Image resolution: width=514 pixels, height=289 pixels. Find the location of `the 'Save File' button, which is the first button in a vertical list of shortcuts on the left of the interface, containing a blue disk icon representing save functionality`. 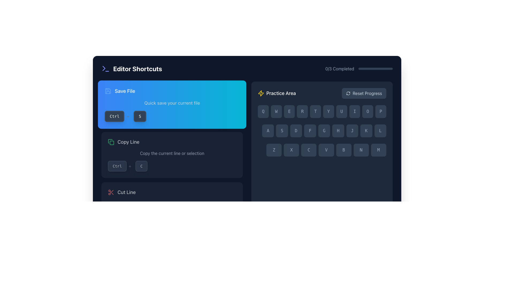

the 'Save File' button, which is the first button in a vertical list of shortcuts on the left of the interface, containing a blue disk icon representing save functionality is located at coordinates (108, 91).